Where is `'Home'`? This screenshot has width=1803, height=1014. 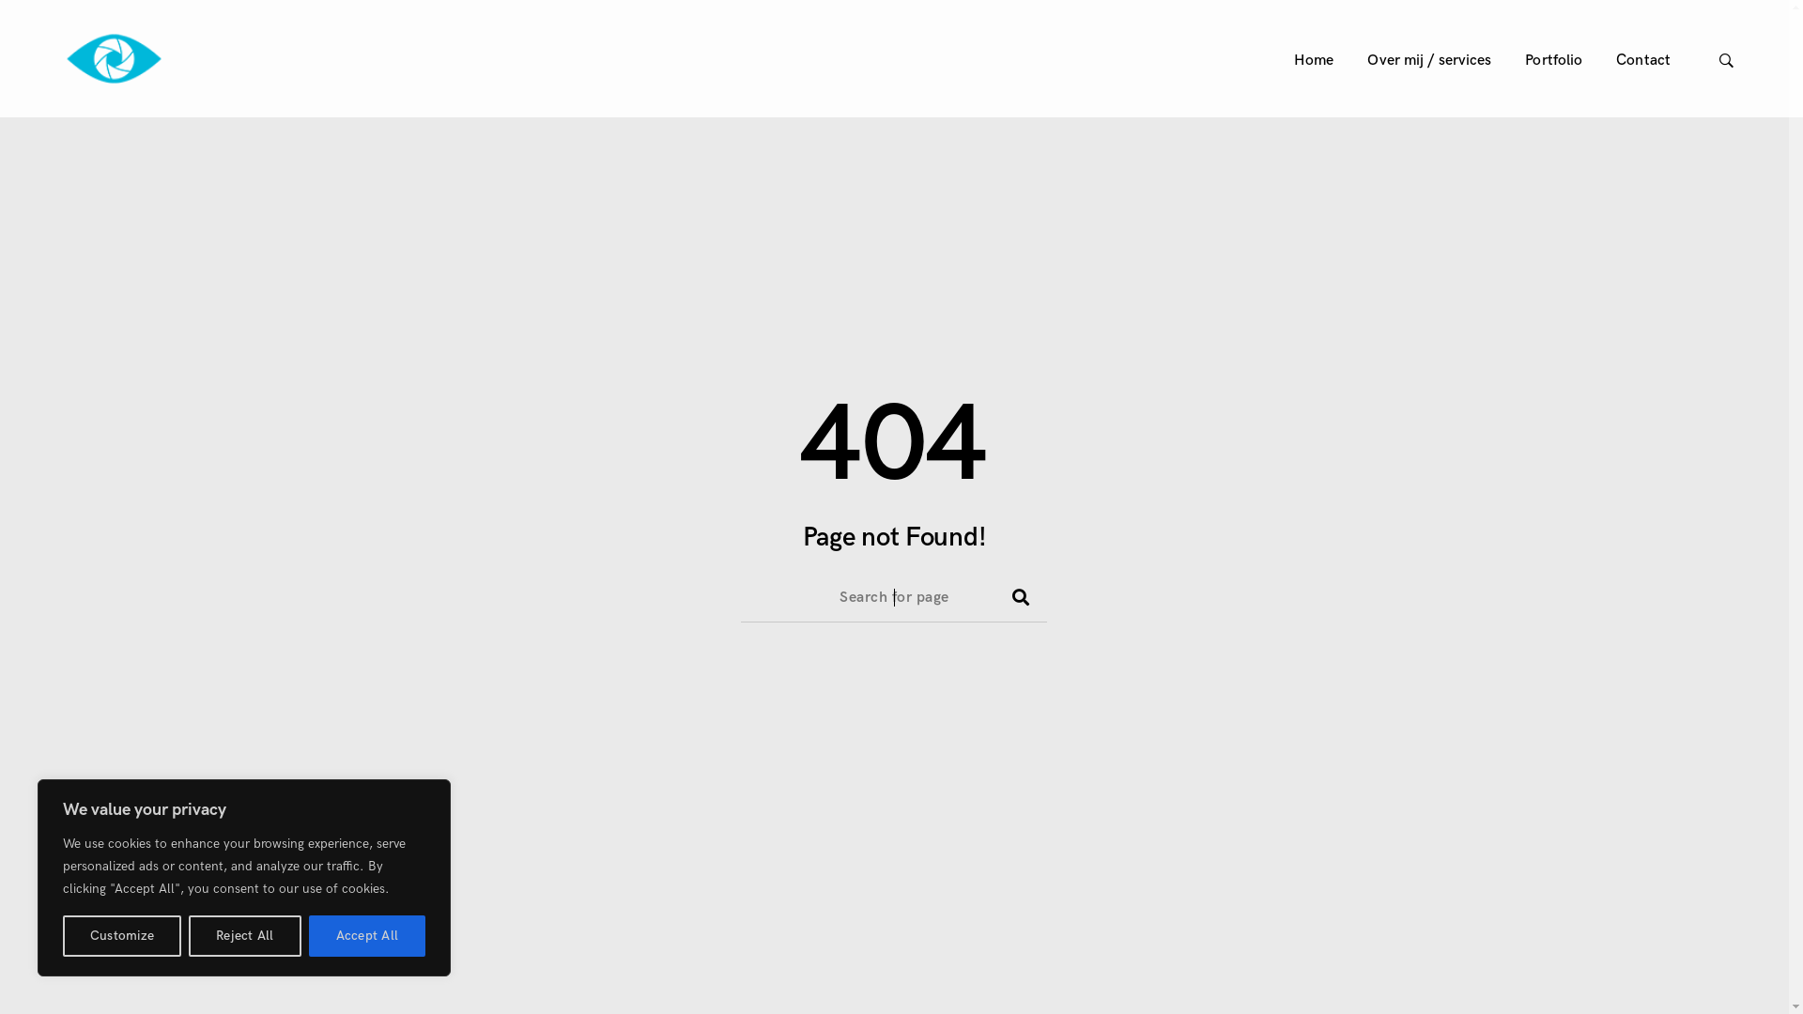 'Home' is located at coordinates (1312, 60).